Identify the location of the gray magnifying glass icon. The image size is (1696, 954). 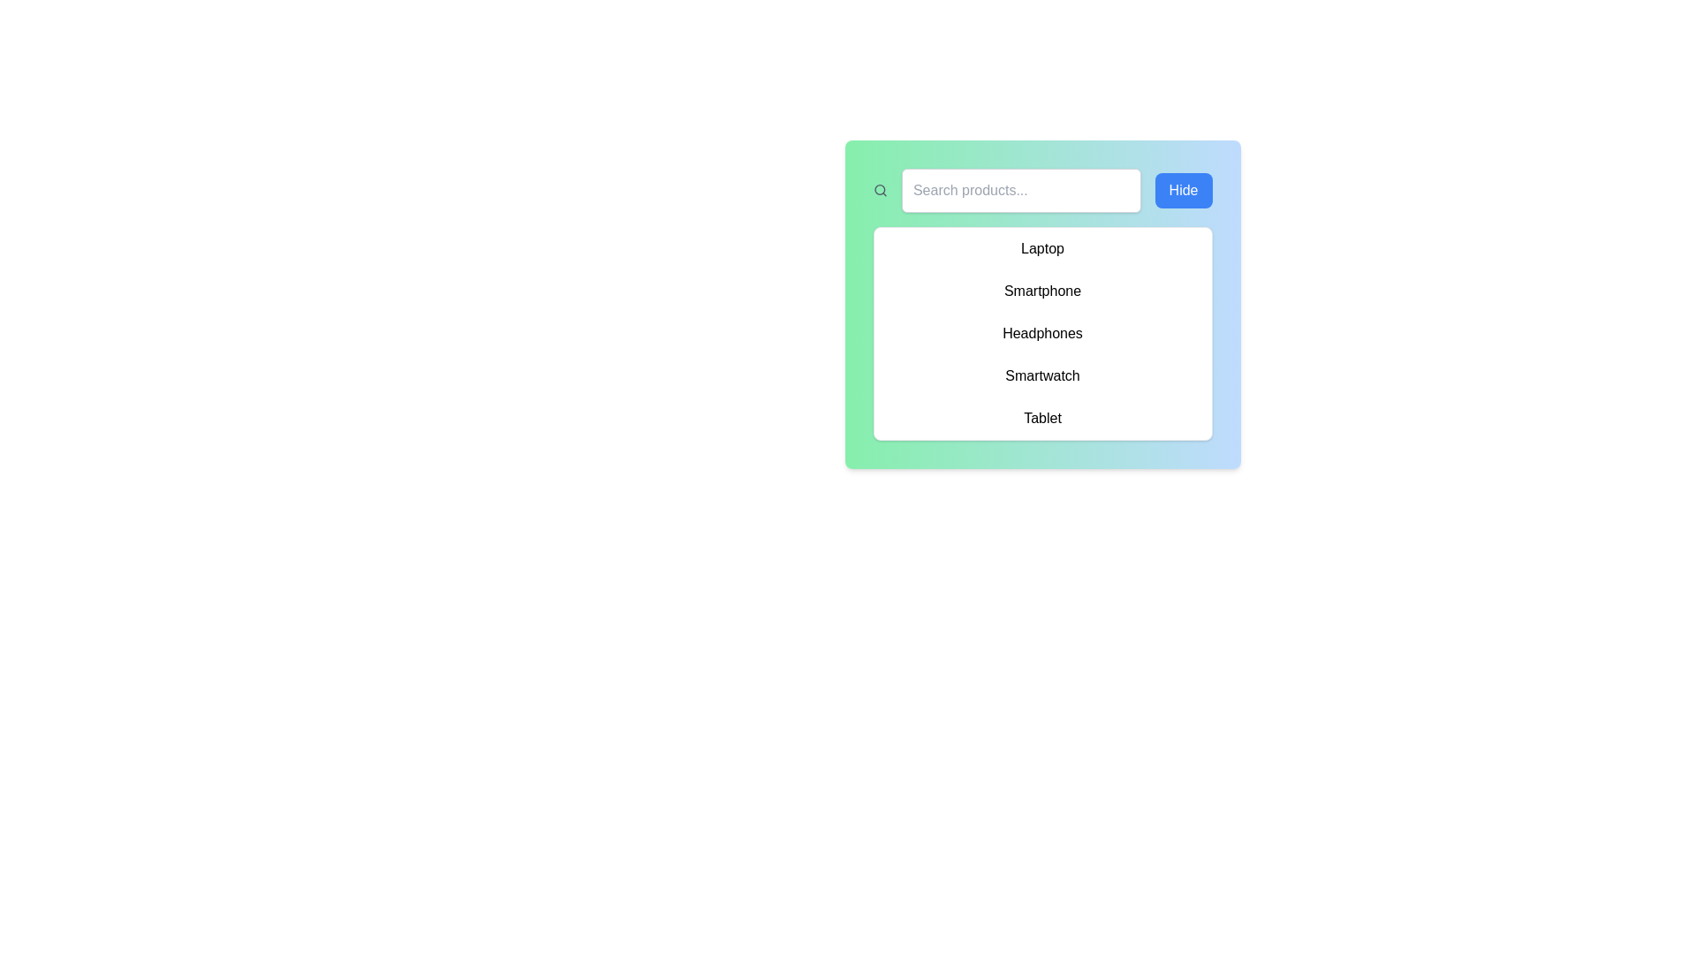
(880, 191).